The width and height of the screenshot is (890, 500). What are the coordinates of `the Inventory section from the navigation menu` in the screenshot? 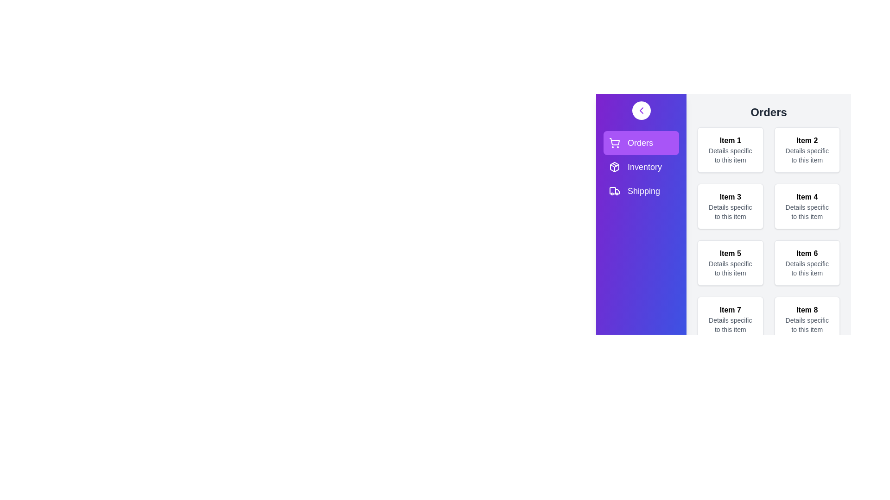 It's located at (627, 167).